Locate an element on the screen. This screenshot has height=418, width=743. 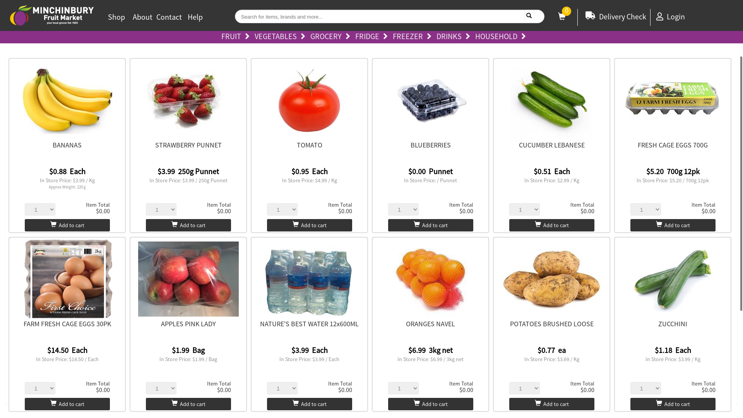
'FRESH CAGE EGGS 700G' is located at coordinates (637, 145).